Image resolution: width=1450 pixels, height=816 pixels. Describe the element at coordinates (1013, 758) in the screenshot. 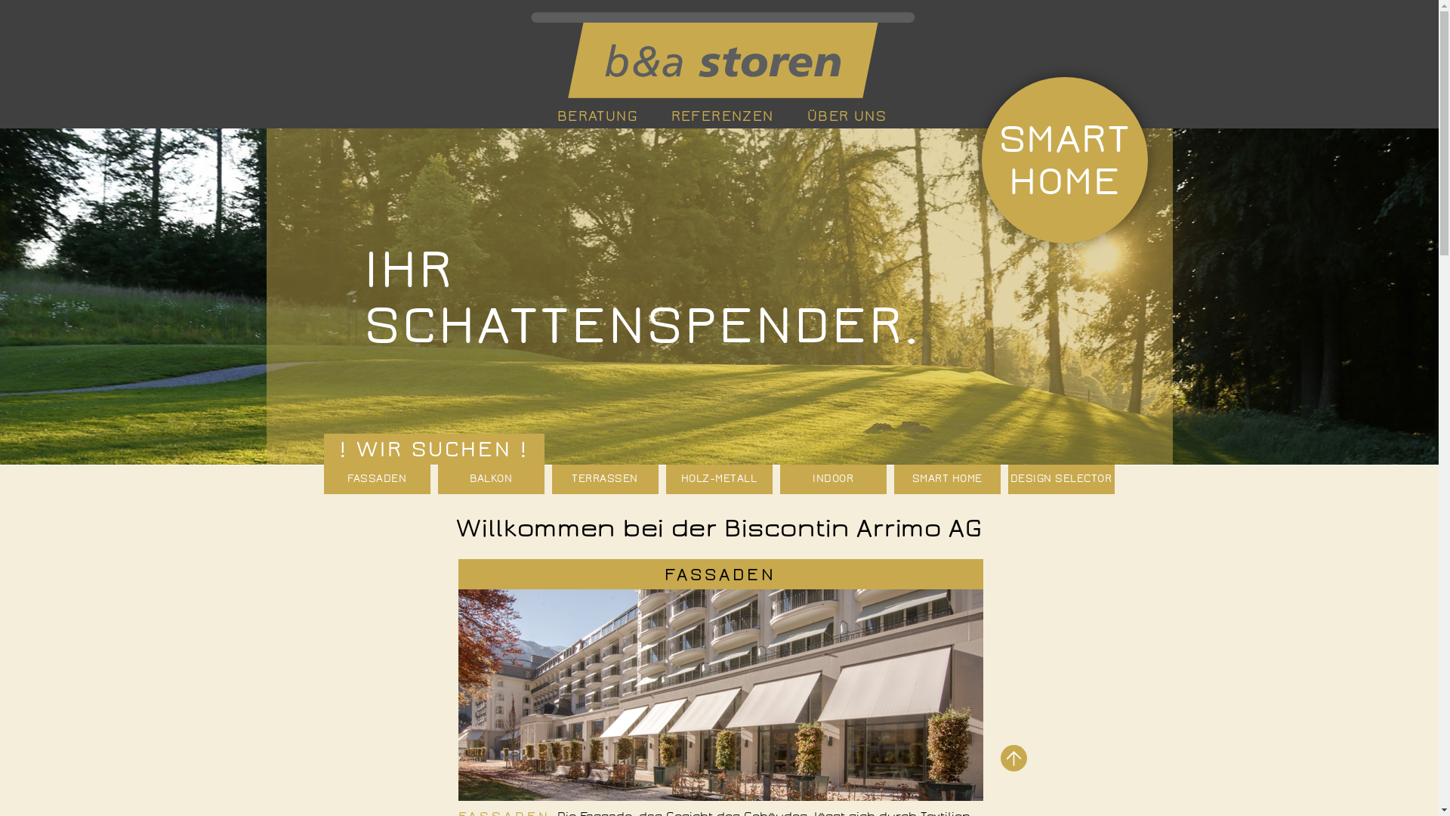

I see `' '` at that location.